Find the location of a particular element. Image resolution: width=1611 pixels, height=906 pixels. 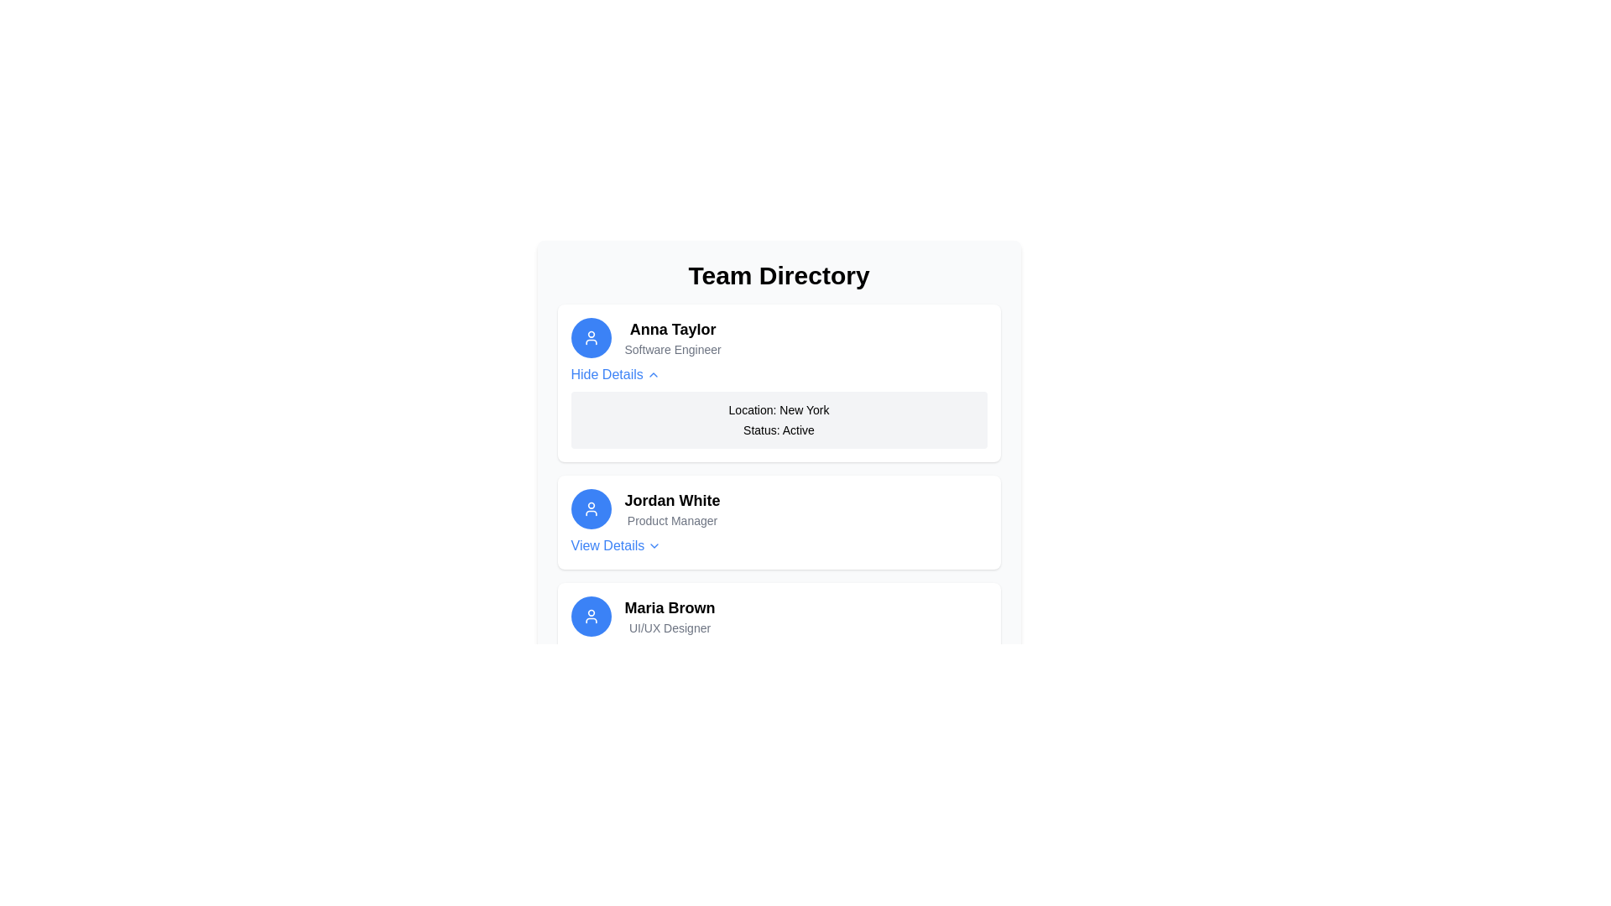

the label indicating the role or position of 'Maria Brown' within the team, located at the bottom of the profile card in the 'Team Directory' section is located at coordinates (669, 627).